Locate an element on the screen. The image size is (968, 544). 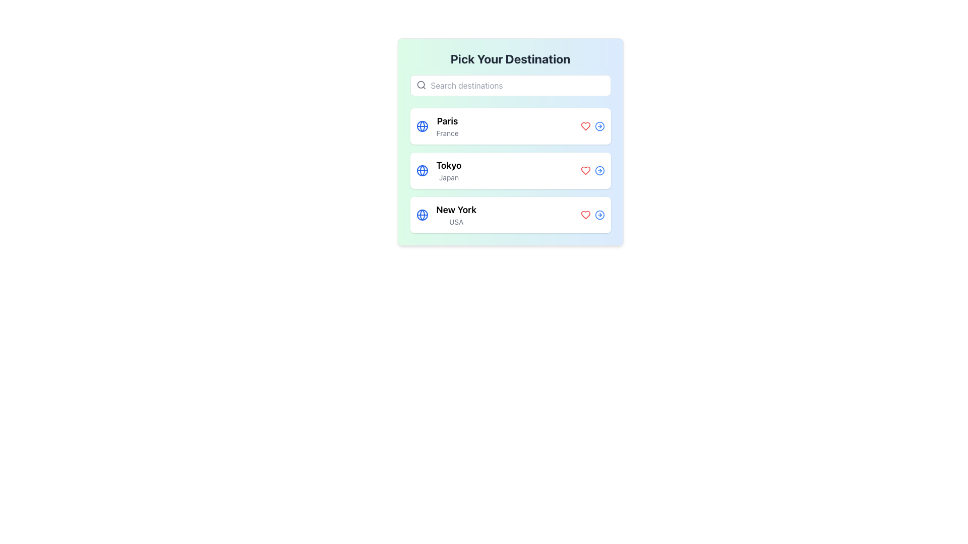
the text label indicating the destination 'Paris', which is the first line of textual information in the card component titled 'Pick Your Destination' is located at coordinates (447, 120).